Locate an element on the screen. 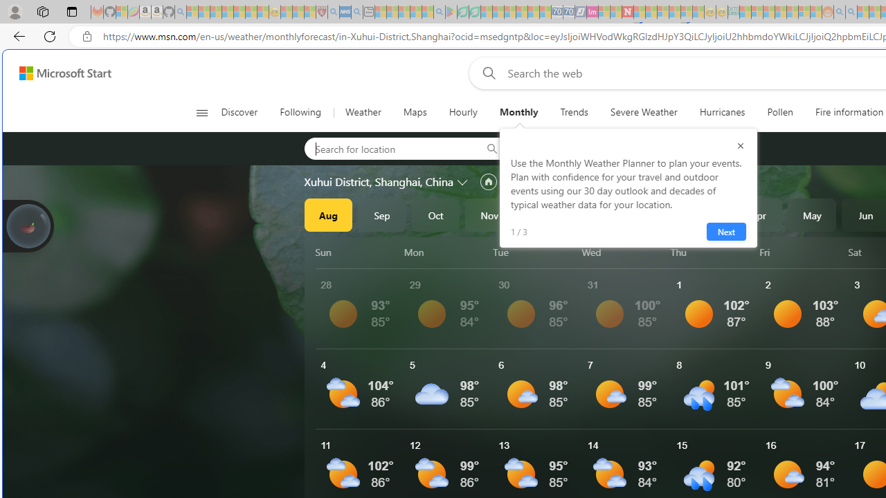 This screenshot has width=886, height=498. 'Class: button-glyph' is located at coordinates (201, 112).